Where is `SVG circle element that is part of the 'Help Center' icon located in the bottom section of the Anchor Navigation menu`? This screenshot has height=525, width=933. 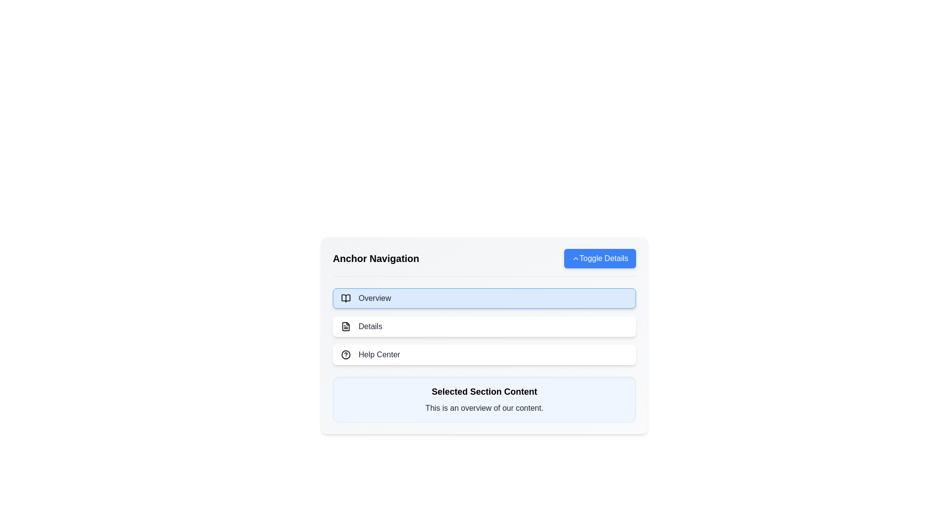 SVG circle element that is part of the 'Help Center' icon located in the bottom section of the Anchor Navigation menu is located at coordinates (346, 354).